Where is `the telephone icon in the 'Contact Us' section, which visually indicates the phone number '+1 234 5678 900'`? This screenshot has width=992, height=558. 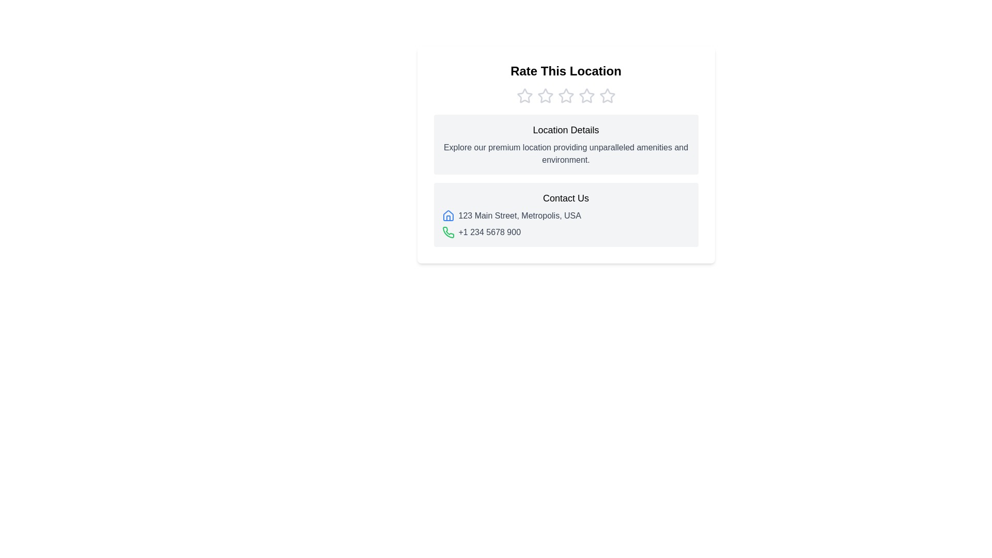
the telephone icon in the 'Contact Us' section, which visually indicates the phone number '+1 234 5678 900' is located at coordinates (448, 231).